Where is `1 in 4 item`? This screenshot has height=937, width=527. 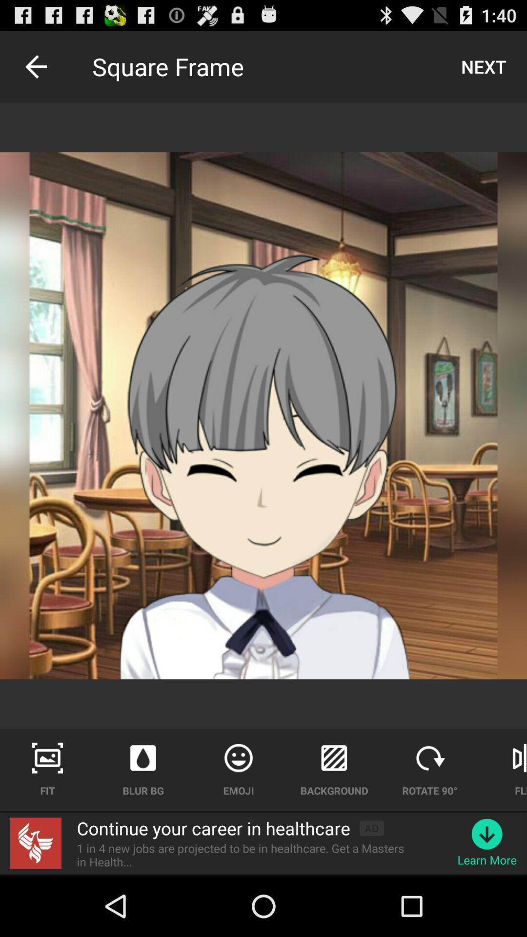 1 in 4 item is located at coordinates (246, 855).